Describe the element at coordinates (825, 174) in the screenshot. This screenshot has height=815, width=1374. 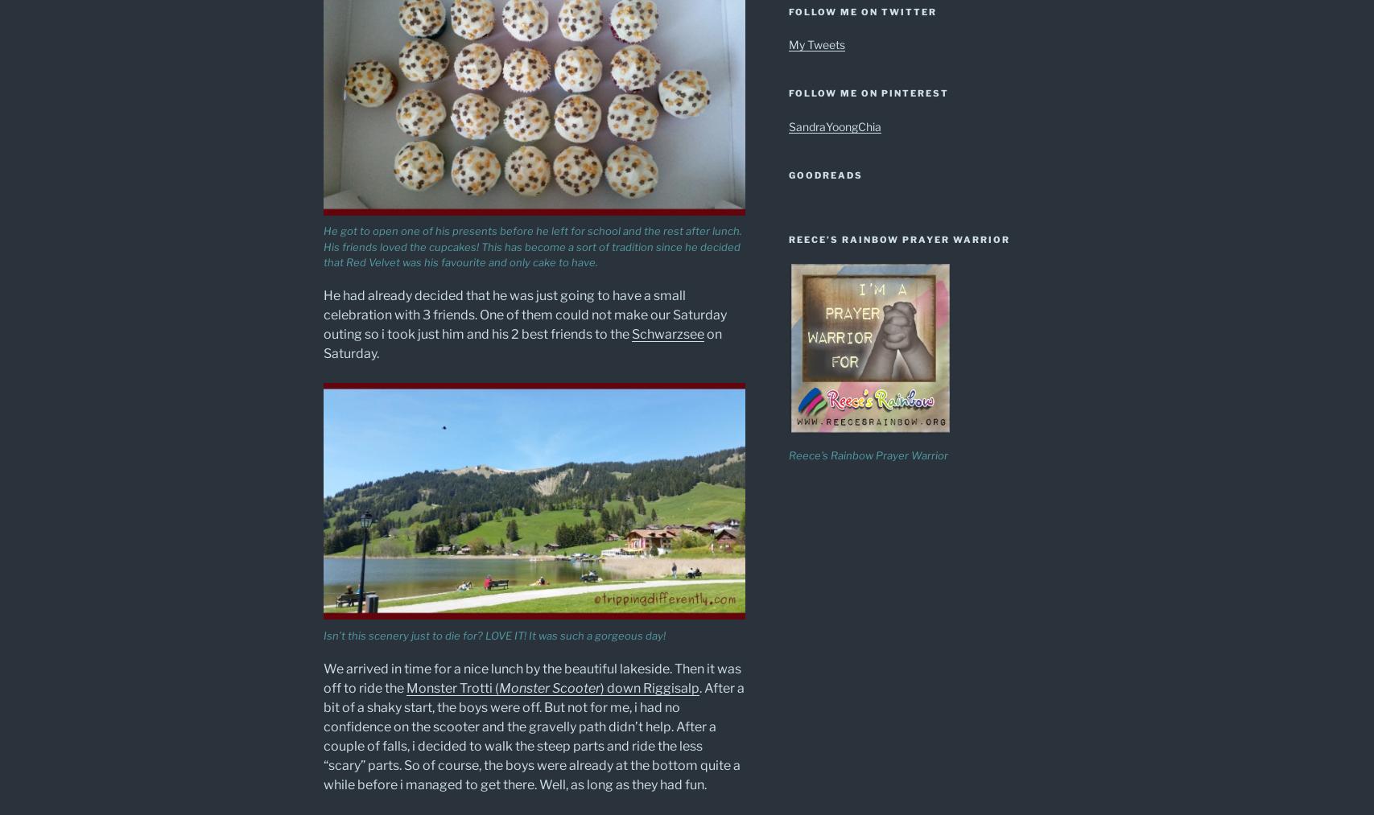
I see `'Goodreads'` at that location.